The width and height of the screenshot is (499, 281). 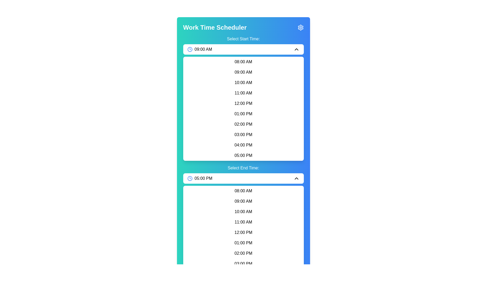 I want to click on the static text element that allows users to select '01:00 PM' in the Work Time Scheduler interface, so click(x=243, y=114).